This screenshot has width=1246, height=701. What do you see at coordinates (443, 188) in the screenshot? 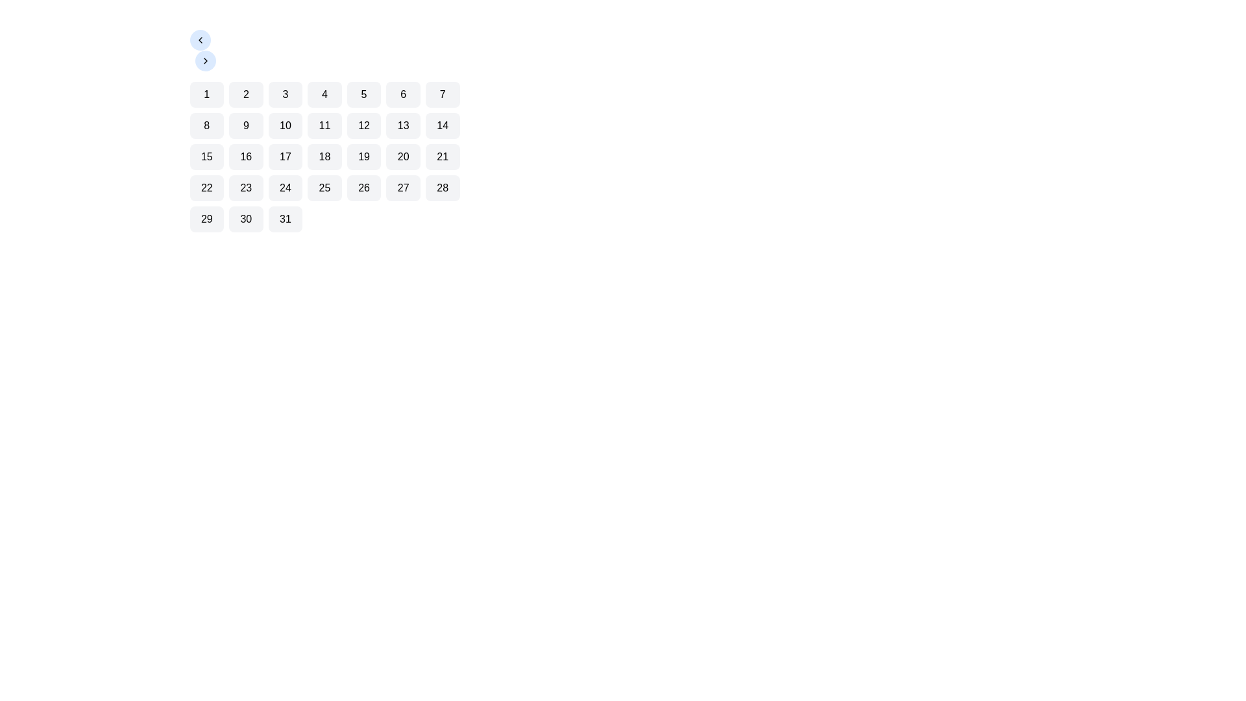
I see `the button representing the 28th day in the calendar grid` at bounding box center [443, 188].